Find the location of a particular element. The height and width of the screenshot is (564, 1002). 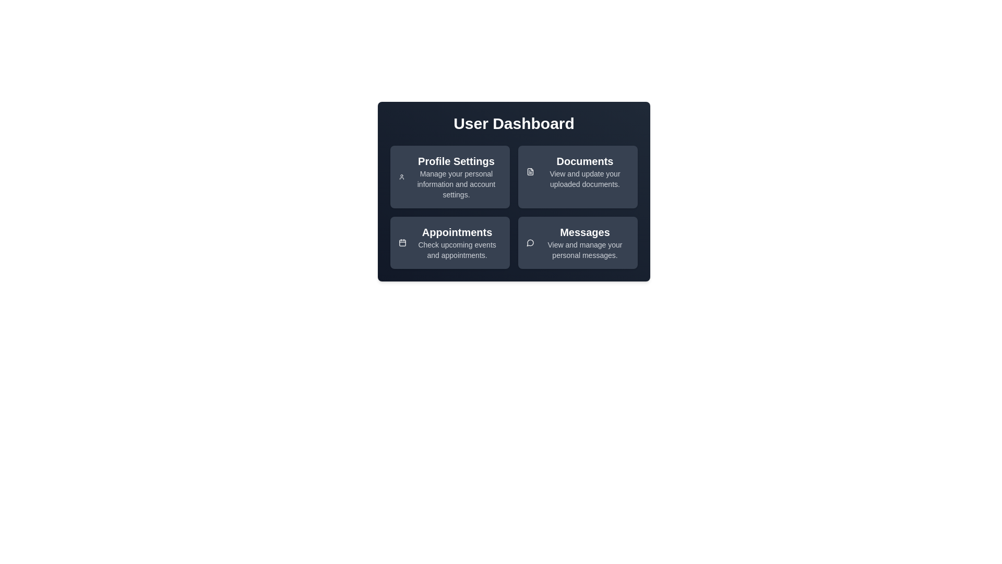

the icon of the Profile Settings card is located at coordinates (400, 177).